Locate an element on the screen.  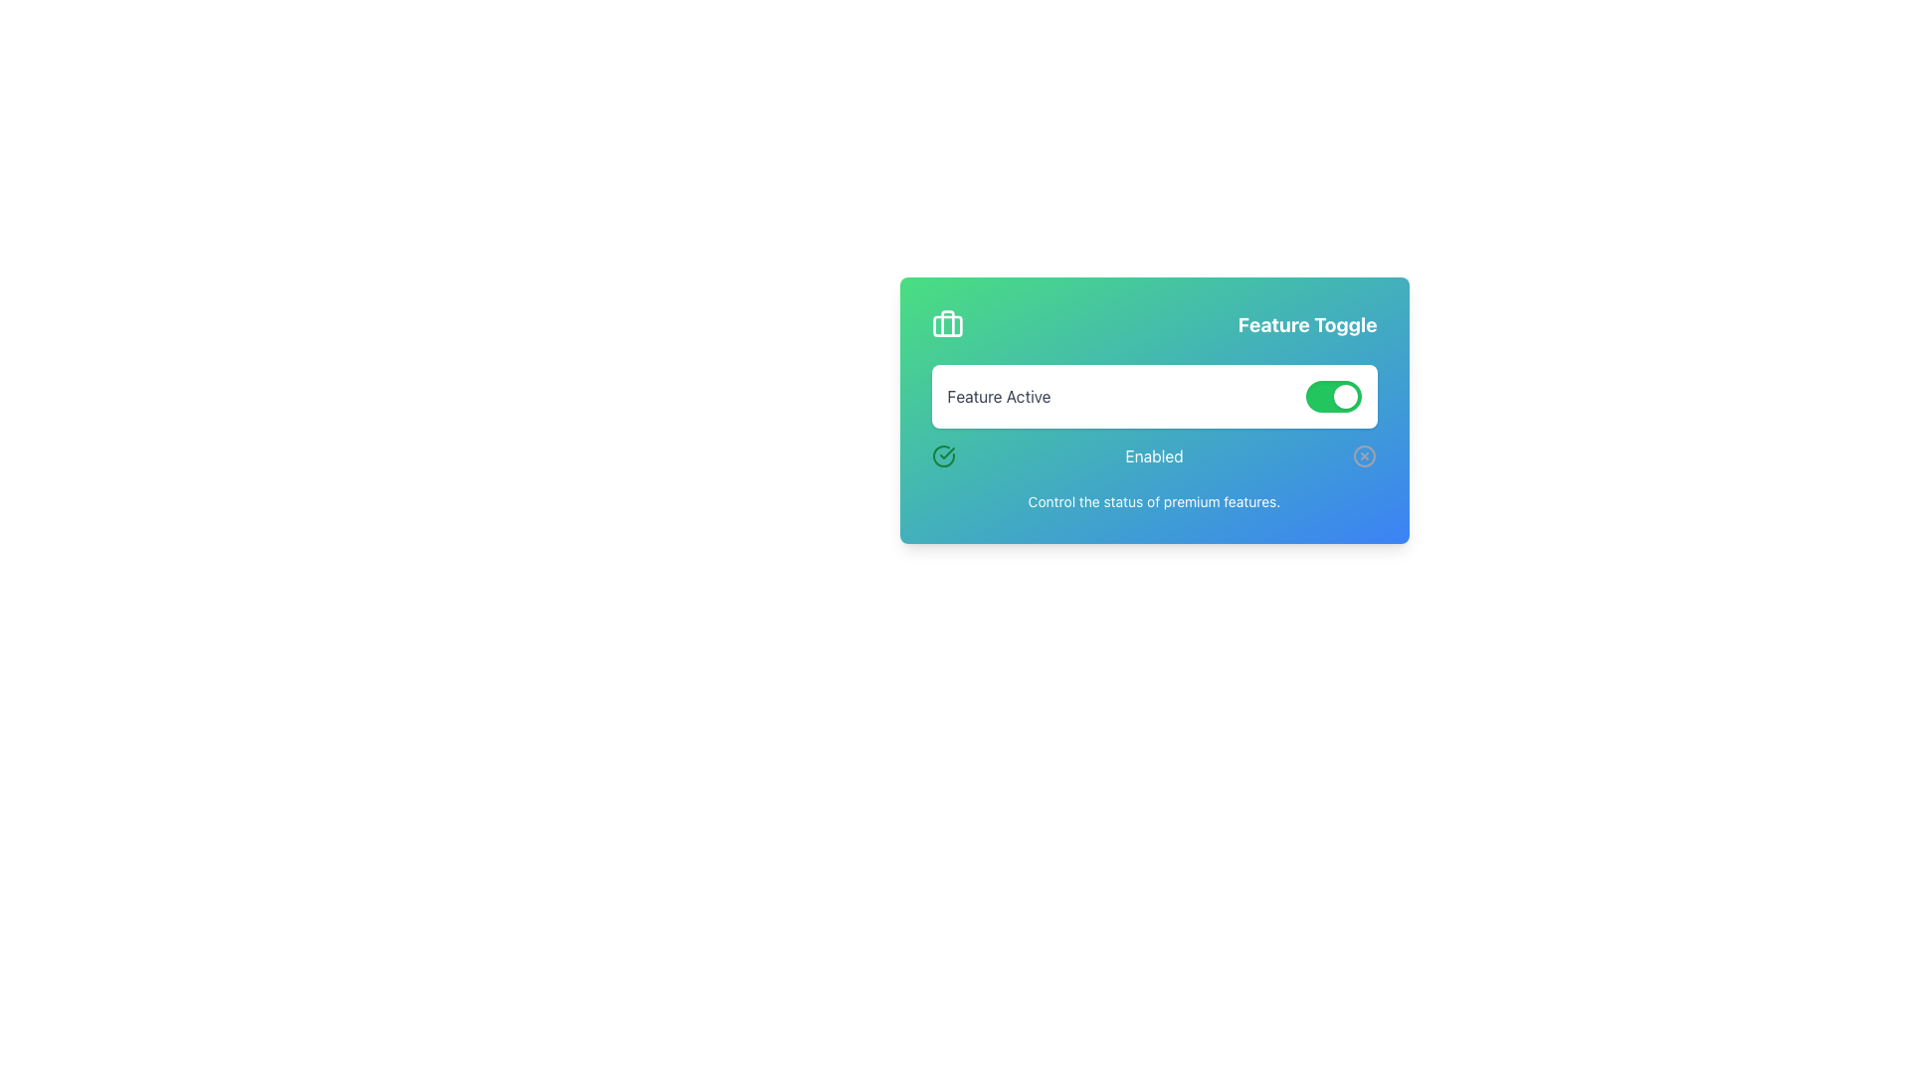
the design of the status icon indicating an active or enabled status, located to the left of the text 'Enabled' is located at coordinates (942, 456).